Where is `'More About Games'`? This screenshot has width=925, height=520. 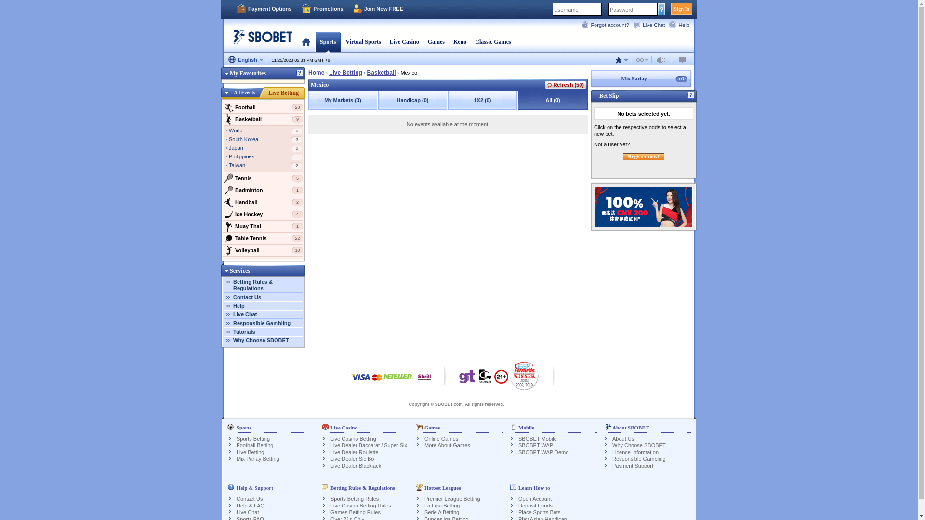
'More About Games' is located at coordinates (447, 445).